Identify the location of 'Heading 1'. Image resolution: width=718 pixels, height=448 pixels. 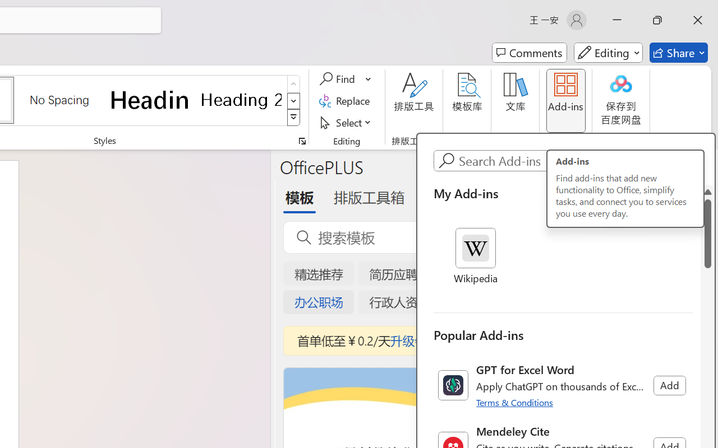
(150, 99).